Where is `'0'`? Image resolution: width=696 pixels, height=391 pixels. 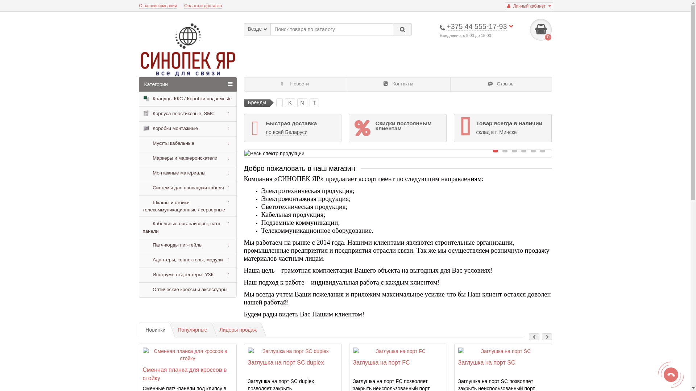 '0' is located at coordinates (541, 29).